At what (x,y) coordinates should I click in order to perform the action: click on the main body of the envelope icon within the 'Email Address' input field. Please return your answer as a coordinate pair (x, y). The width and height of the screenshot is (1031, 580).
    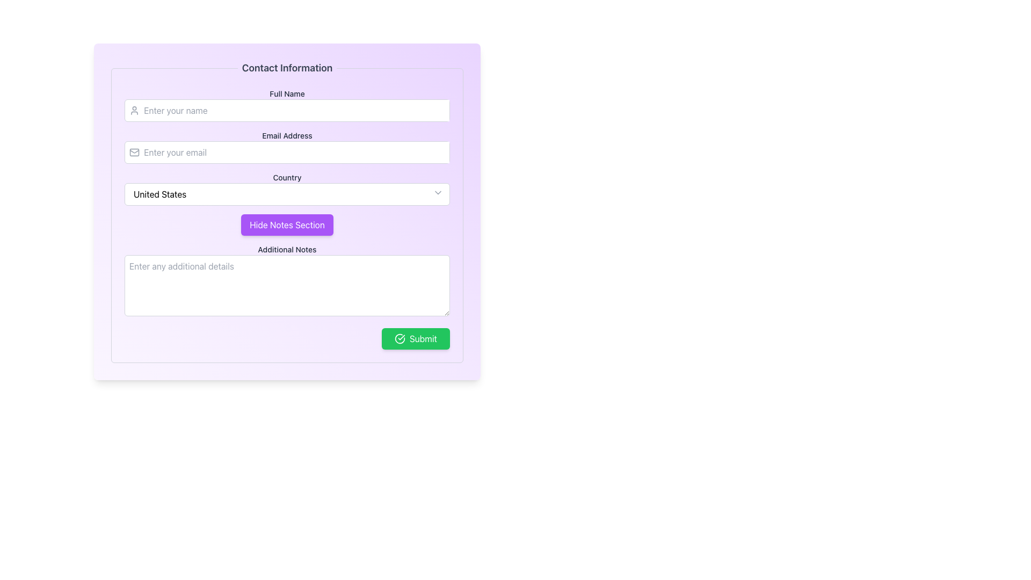
    Looking at the image, I should click on (134, 153).